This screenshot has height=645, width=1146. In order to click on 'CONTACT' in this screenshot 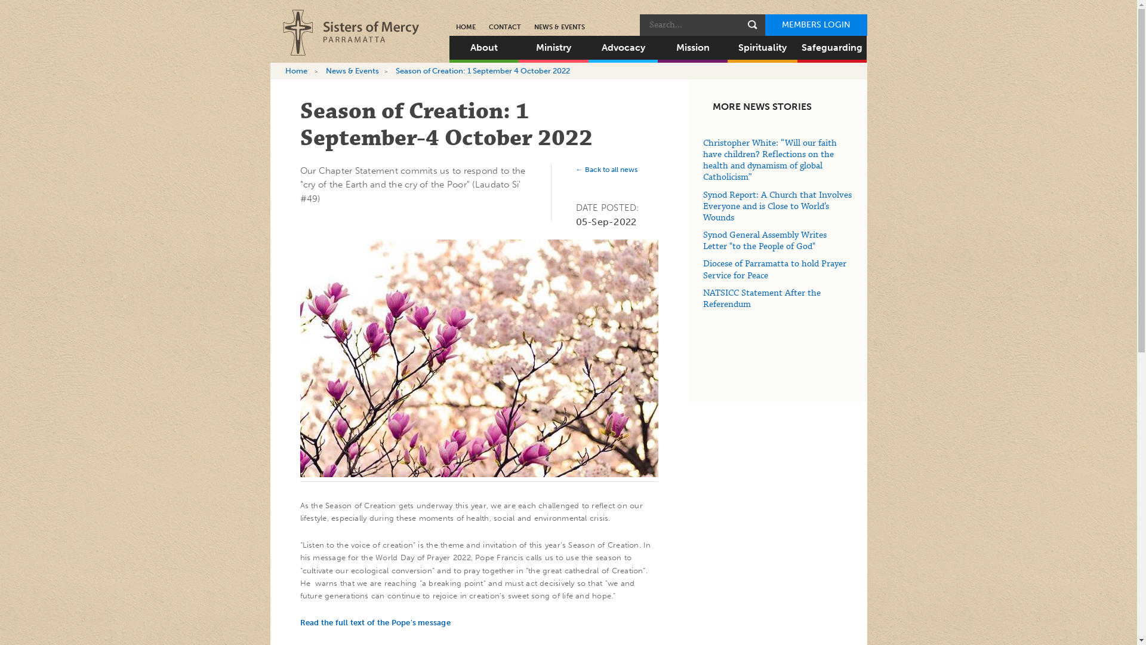, I will do `click(504, 27)`.